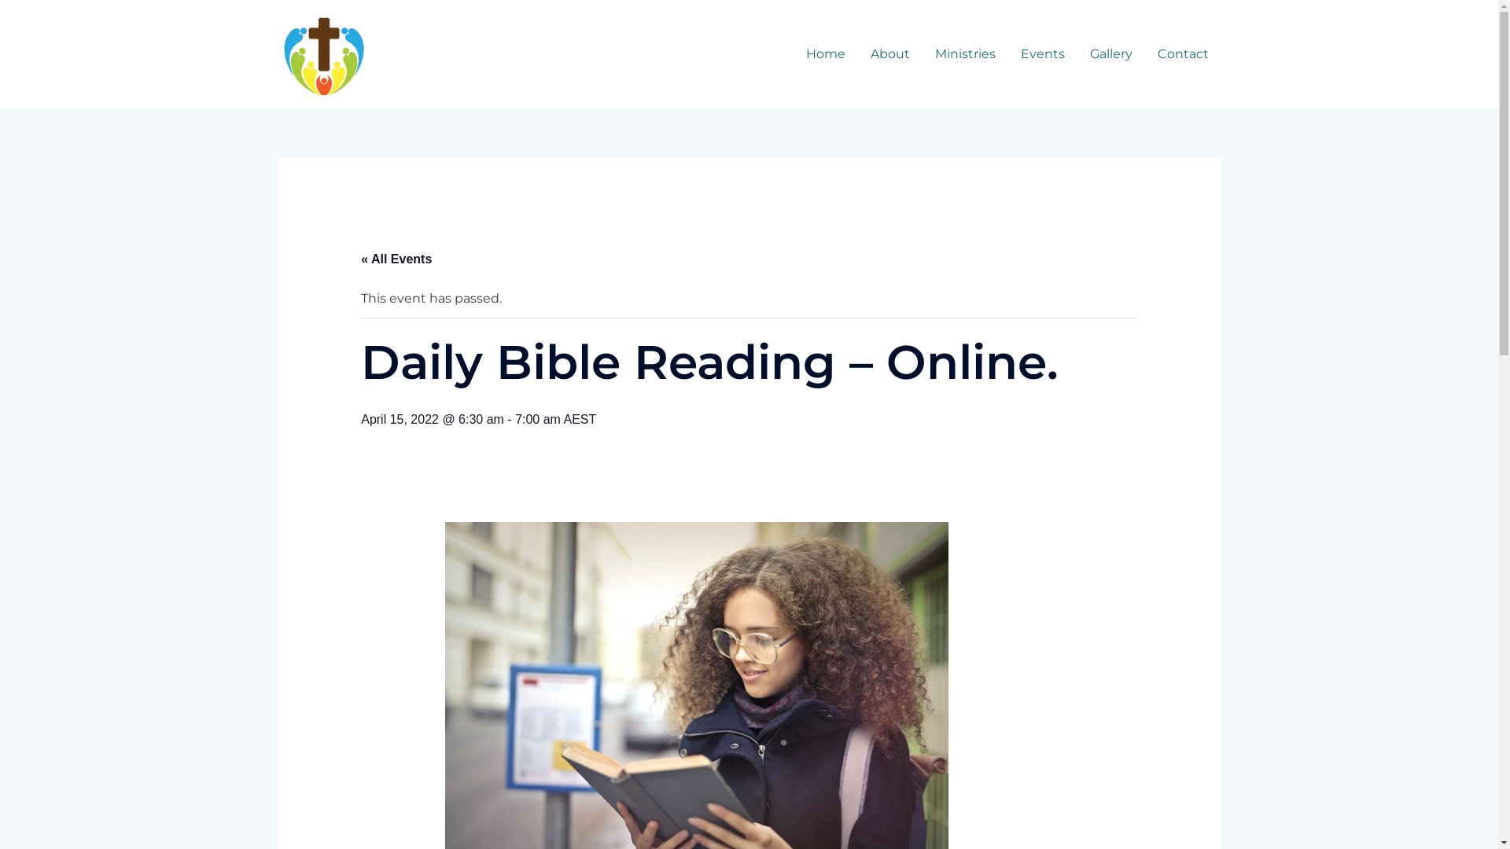 This screenshot has height=849, width=1510. I want to click on 'Contact', so click(1183, 53).